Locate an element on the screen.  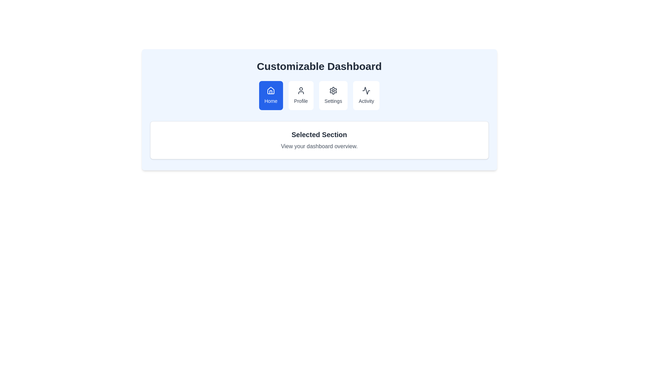
the static text label indicating the functionality of the Settings button located under the gear icon in the third button of the horizontal row is located at coordinates (333, 101).